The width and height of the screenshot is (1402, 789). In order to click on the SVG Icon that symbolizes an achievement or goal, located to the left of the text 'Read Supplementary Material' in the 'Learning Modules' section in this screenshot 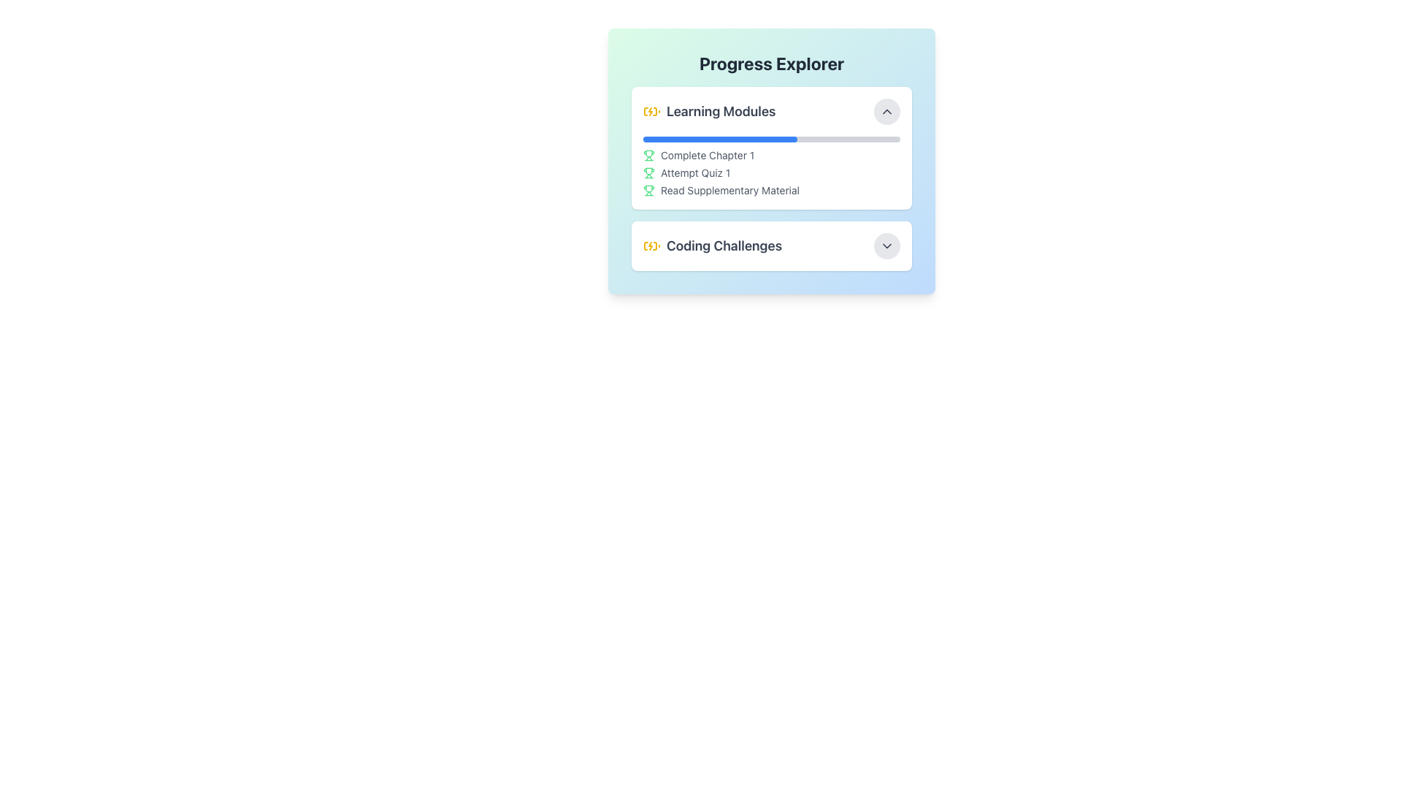, I will do `click(648, 188)`.